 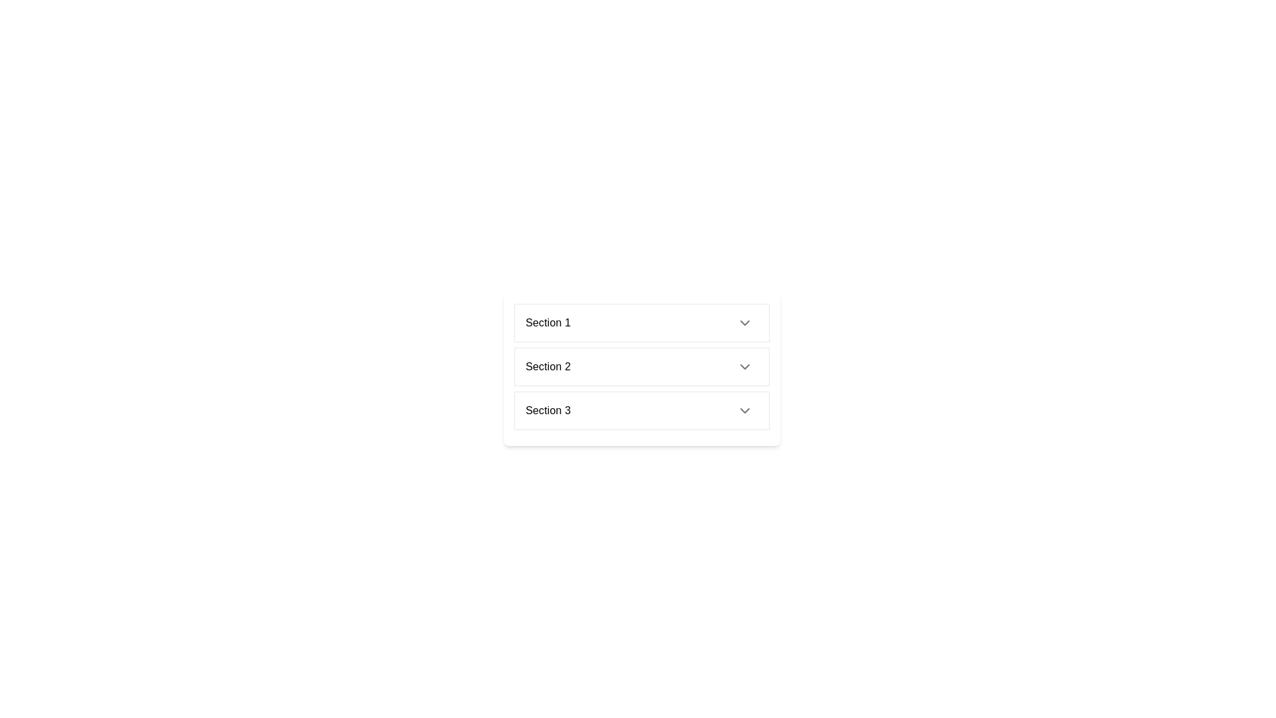 I want to click on the downwards chevron icon located to the right of the 'Section 1' label, so click(x=745, y=323).